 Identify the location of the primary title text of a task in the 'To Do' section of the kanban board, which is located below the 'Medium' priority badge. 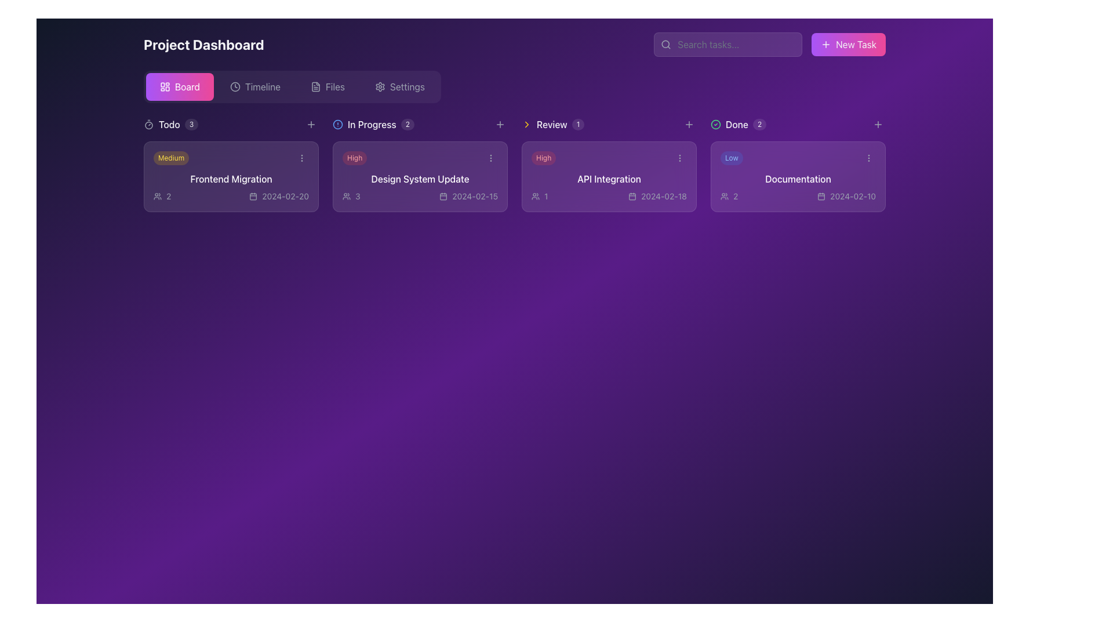
(231, 179).